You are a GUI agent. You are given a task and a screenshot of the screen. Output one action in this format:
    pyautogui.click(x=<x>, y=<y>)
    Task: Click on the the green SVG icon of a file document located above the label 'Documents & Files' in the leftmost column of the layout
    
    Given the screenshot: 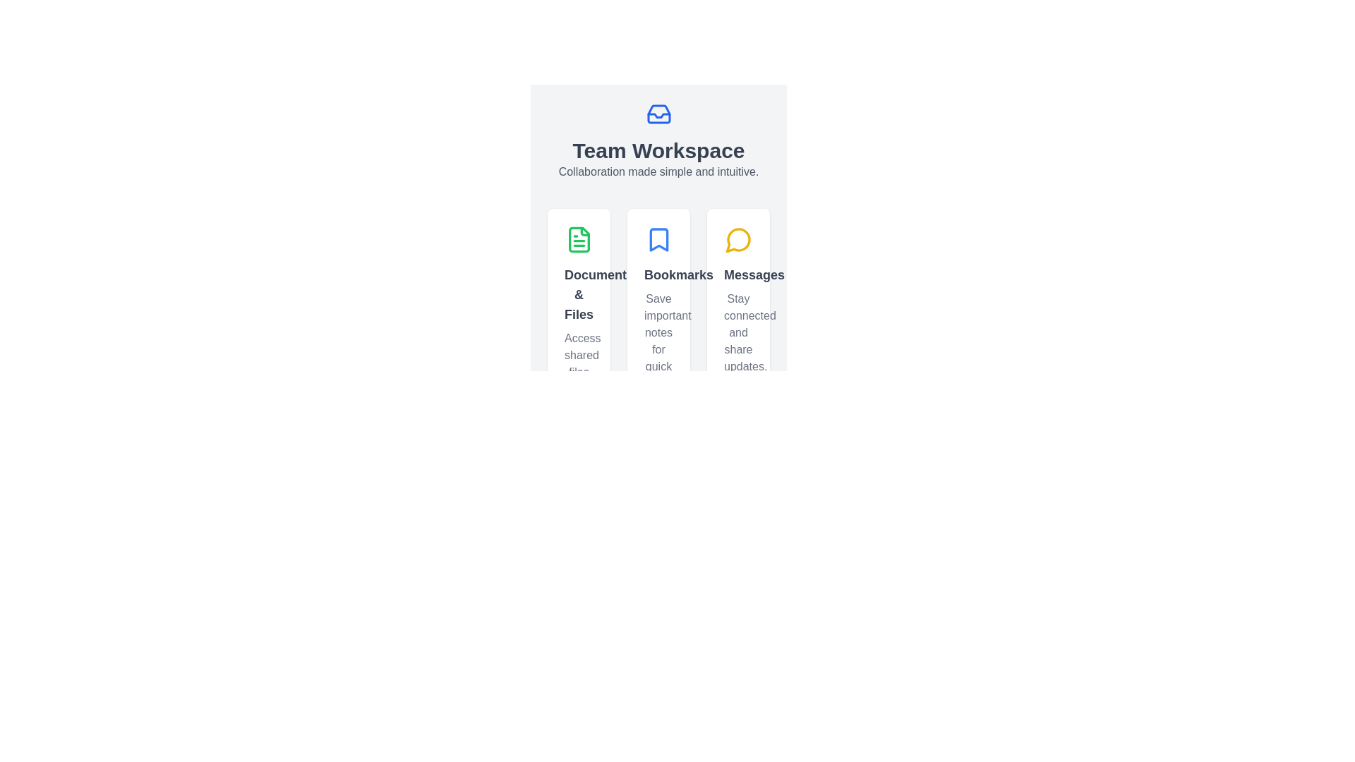 What is the action you would take?
    pyautogui.click(x=579, y=238)
    